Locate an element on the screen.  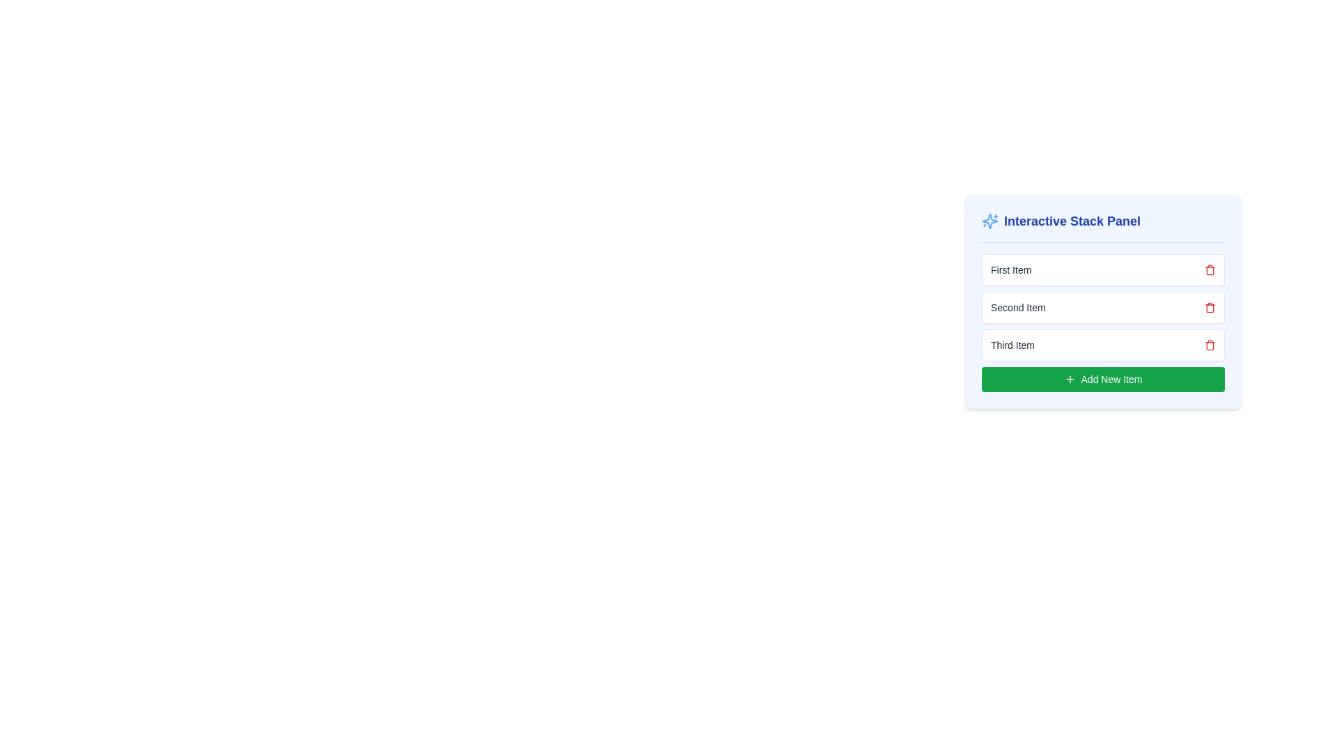
the red trash bin icon button located to the right of the 'Second Item' label in the interactive stack panel is located at coordinates (1209, 307).